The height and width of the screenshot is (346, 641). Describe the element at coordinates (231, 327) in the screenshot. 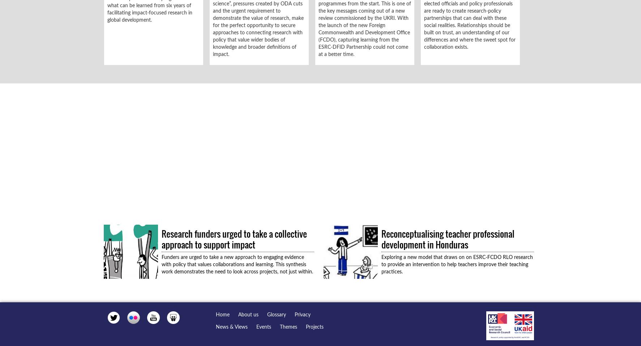

I see `'News & Views'` at that location.